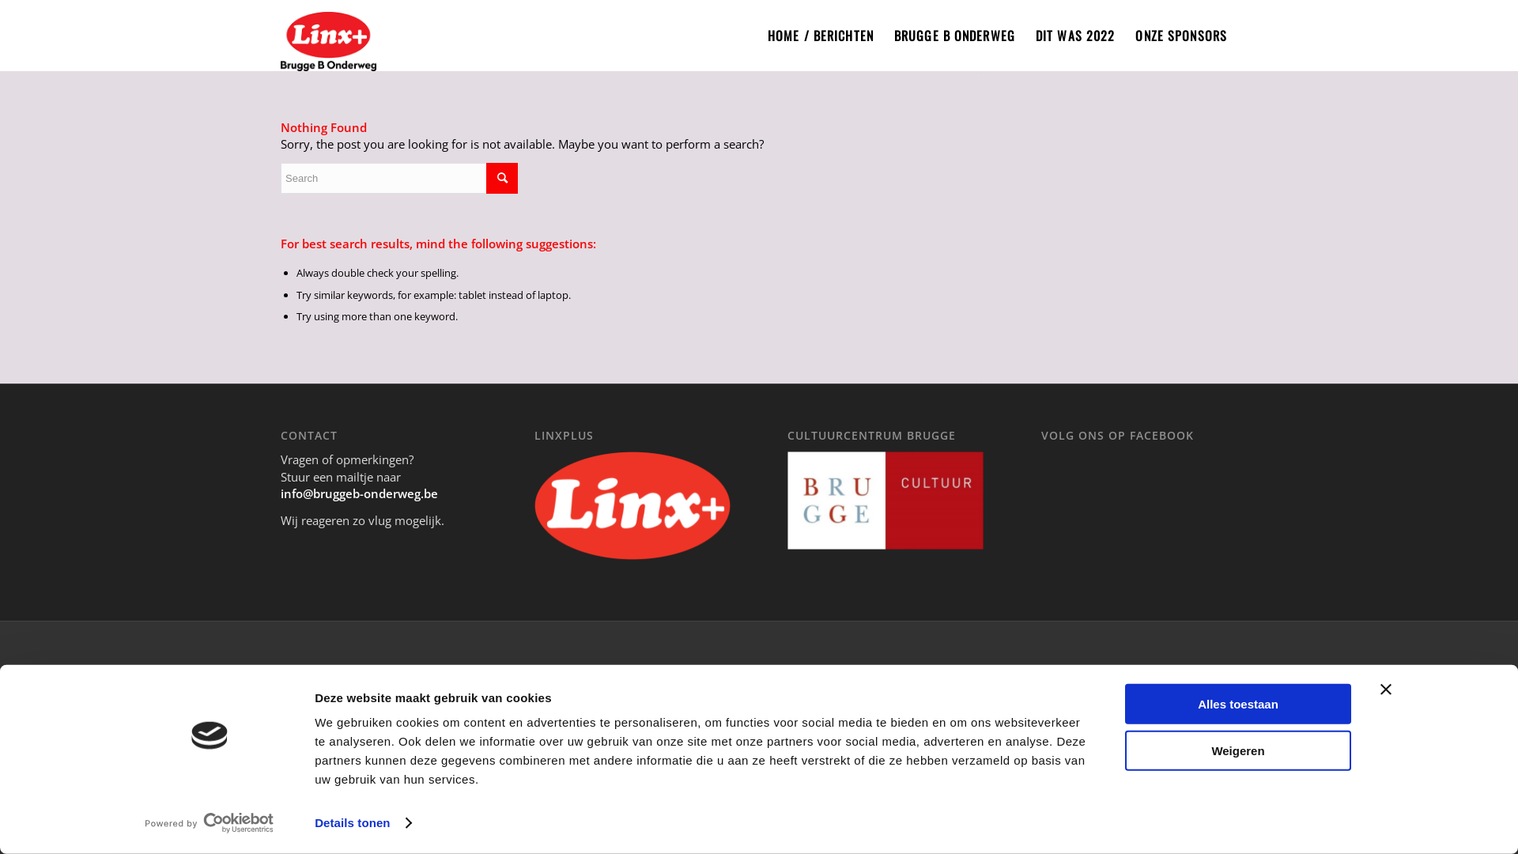 The height and width of the screenshot is (854, 1518). I want to click on 'Details tonen', so click(361, 822).